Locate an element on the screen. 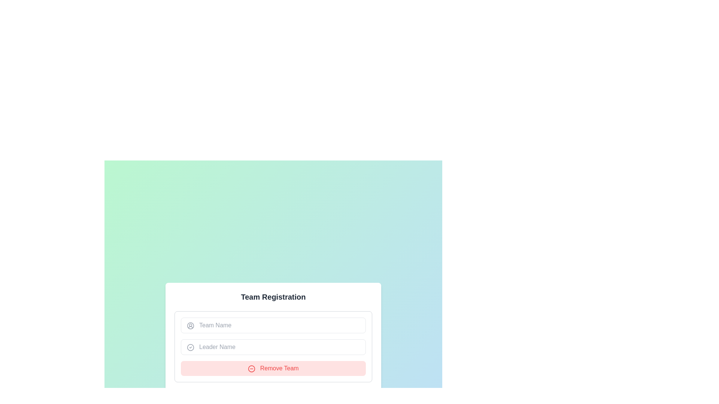  the SVG circular shape that is part of the decorative user icon, located near the 'Team Name' label is located at coordinates (190, 325).